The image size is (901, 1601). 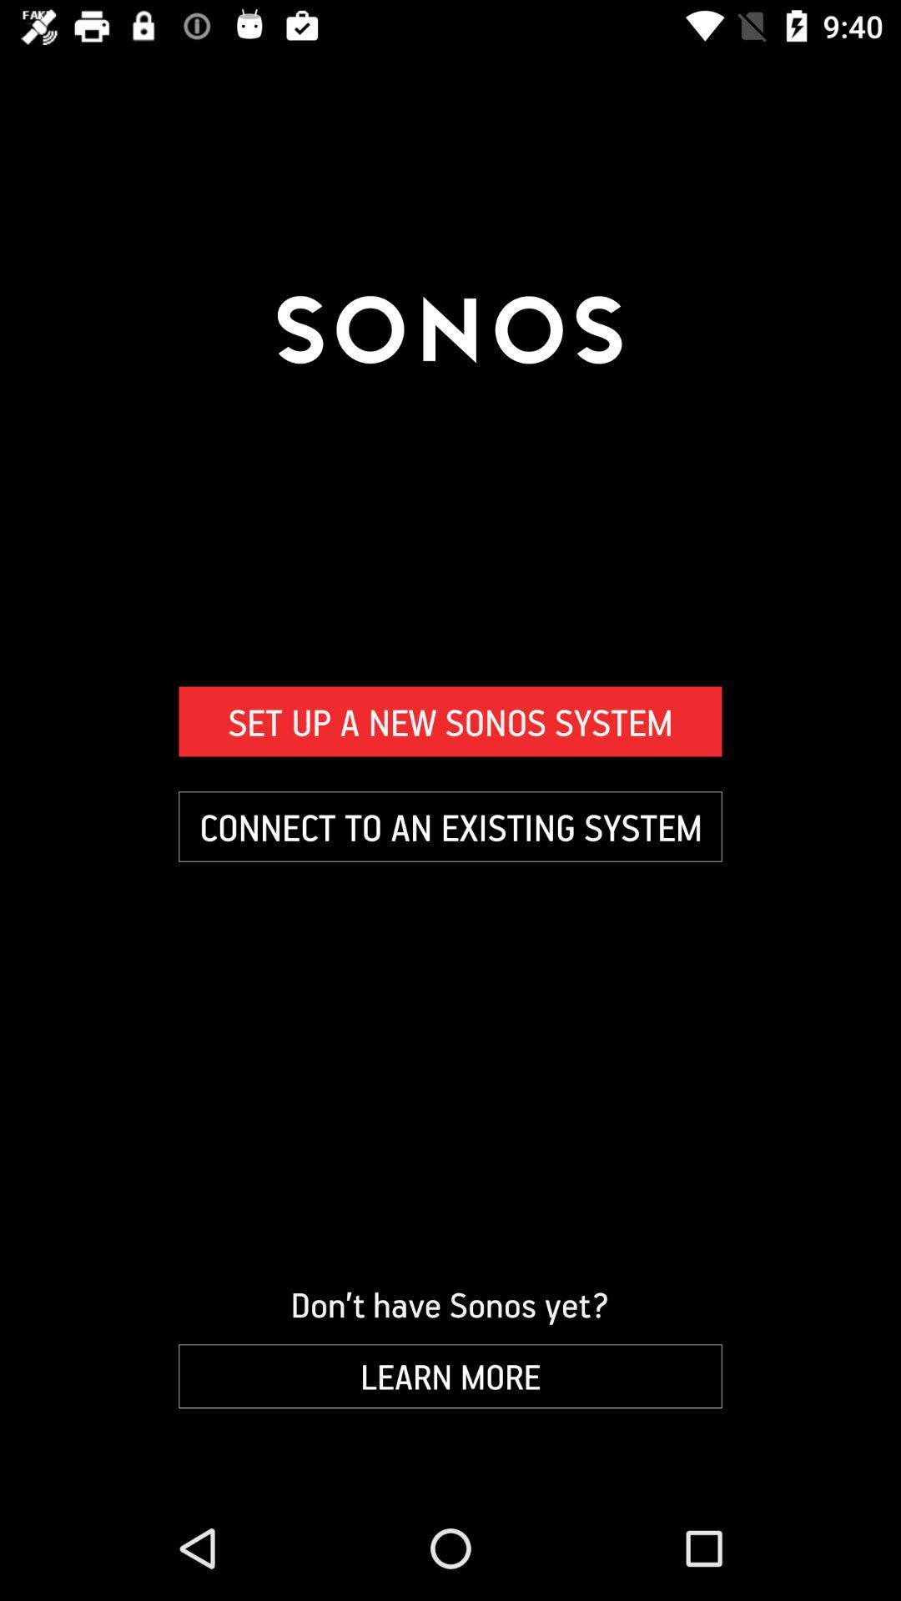 I want to click on set up a, so click(x=450, y=721).